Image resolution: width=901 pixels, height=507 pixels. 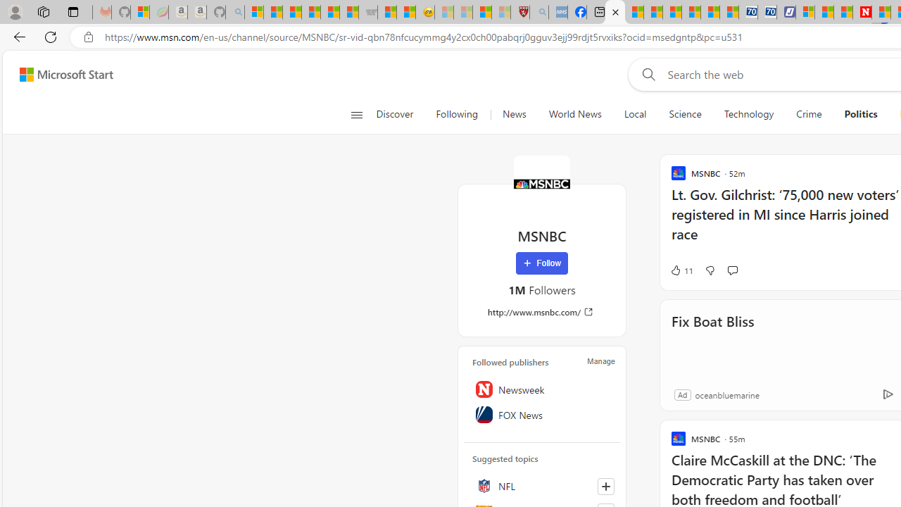 What do you see at coordinates (57, 74) in the screenshot?
I see `'Skip to footer'` at bounding box center [57, 74].